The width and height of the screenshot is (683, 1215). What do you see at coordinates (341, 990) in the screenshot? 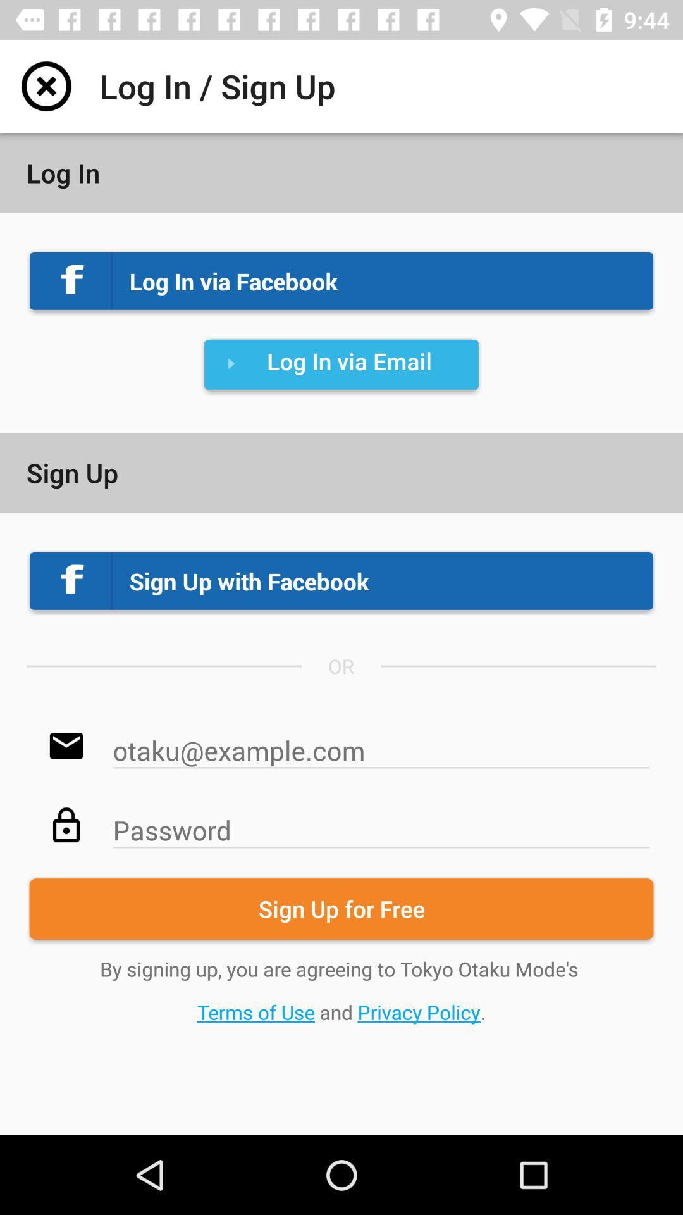
I see `by signing up` at bounding box center [341, 990].